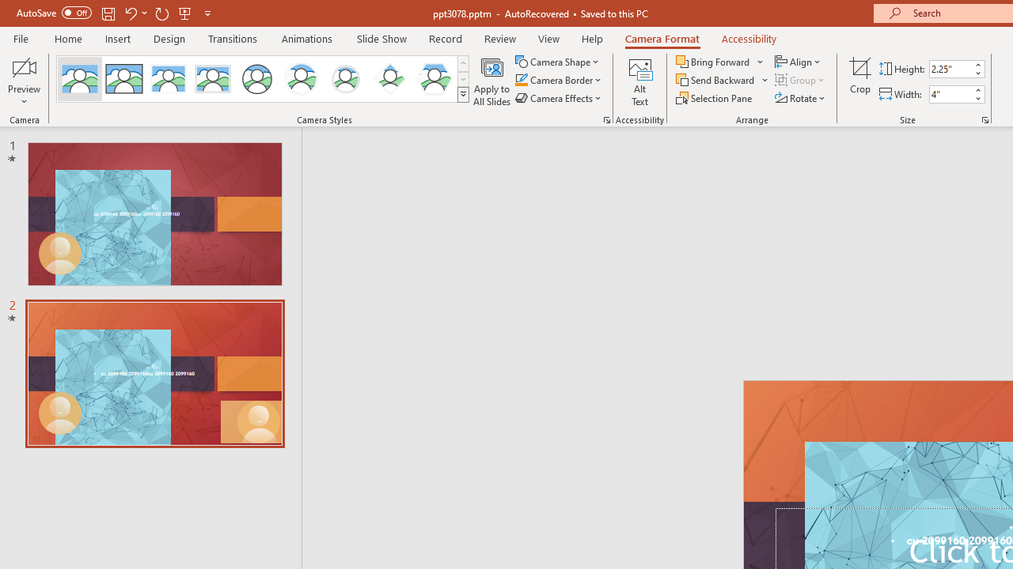 The image size is (1013, 569). What do you see at coordinates (560, 98) in the screenshot?
I see `'Camera Effects'` at bounding box center [560, 98].